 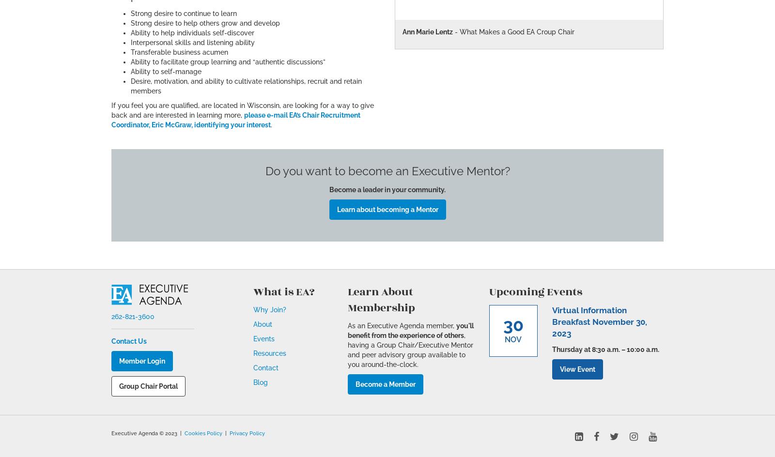 What do you see at coordinates (203, 432) in the screenshot?
I see `'Cookies Policy'` at bounding box center [203, 432].